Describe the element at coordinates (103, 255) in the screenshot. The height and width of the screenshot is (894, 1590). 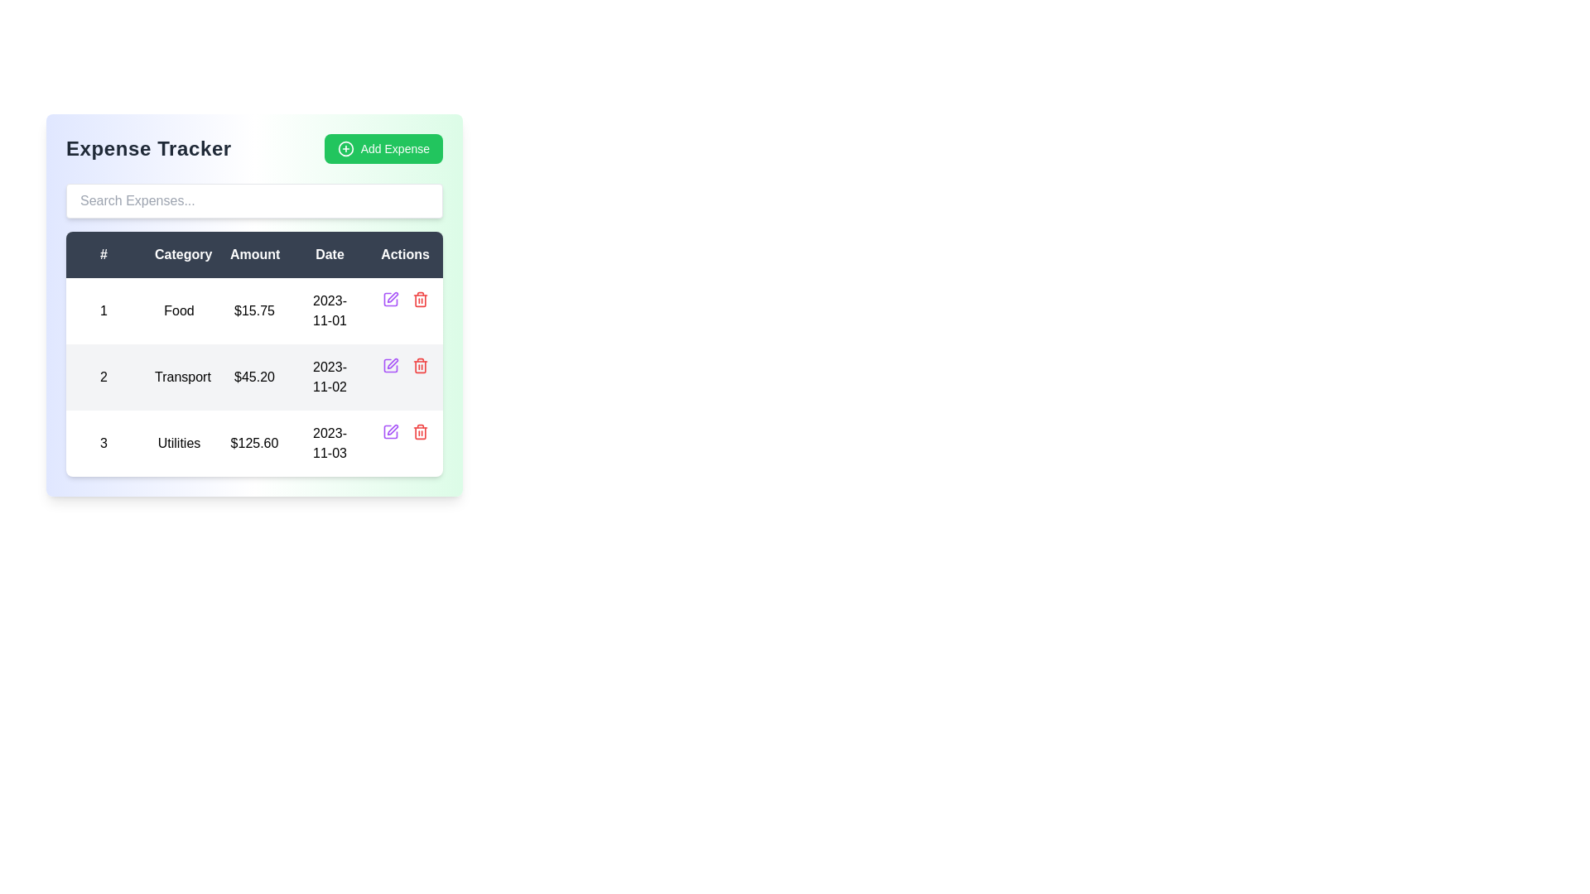
I see `the '#' text label located as the leftmost column header in the darker gray navigation bar of the Expense Tracker section` at that location.